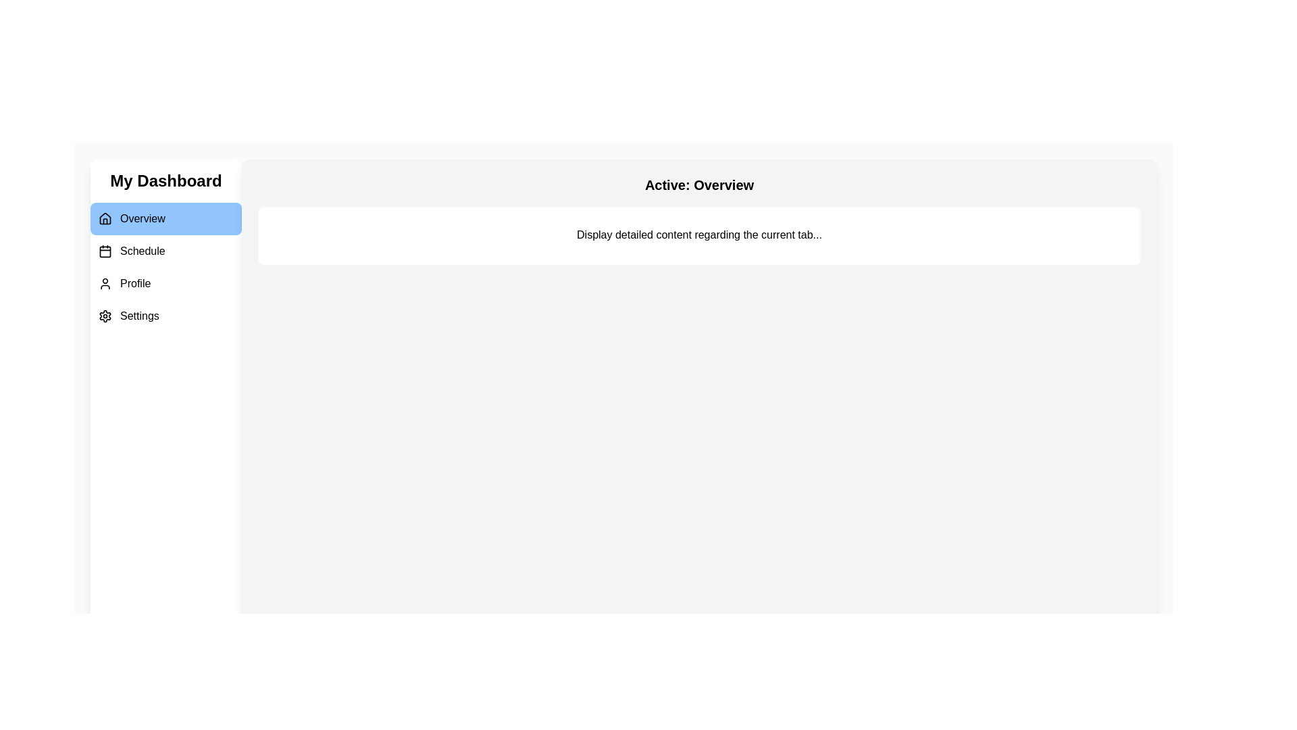  I want to click on the Settings tab, so click(165, 316).